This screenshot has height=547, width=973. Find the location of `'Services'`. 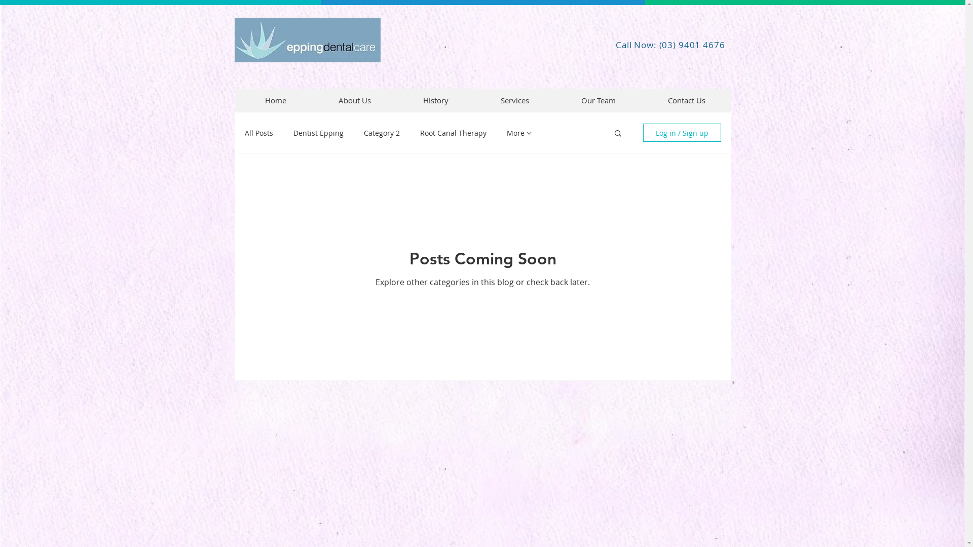

'Services' is located at coordinates (514, 100).